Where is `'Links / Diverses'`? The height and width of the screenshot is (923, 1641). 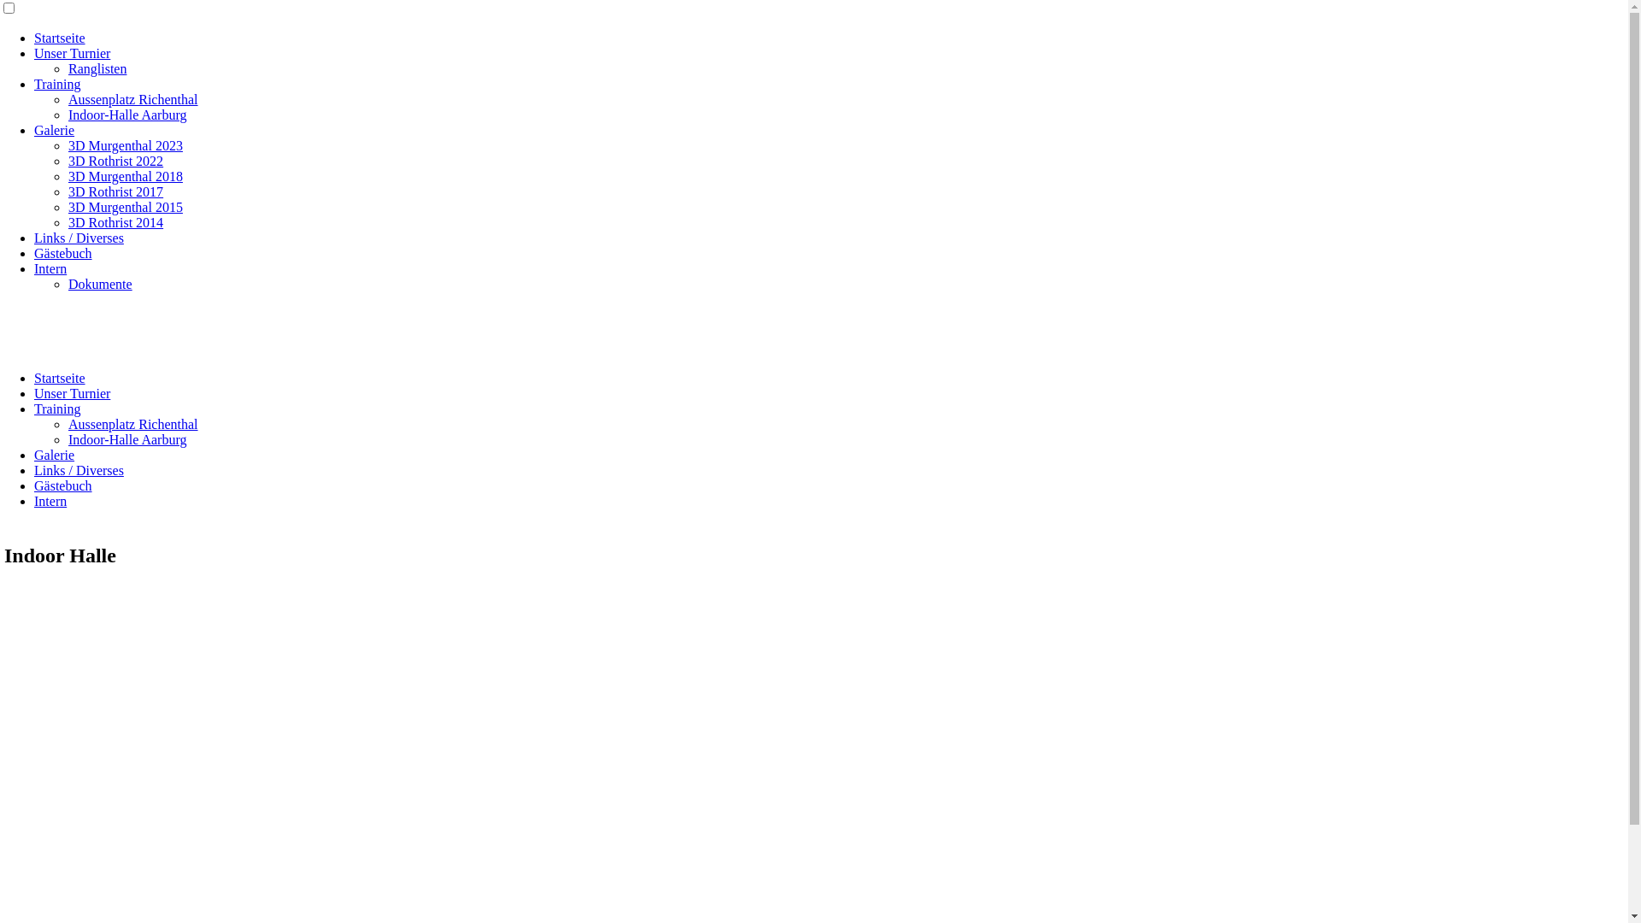 'Links / Diverses' is located at coordinates (78, 470).